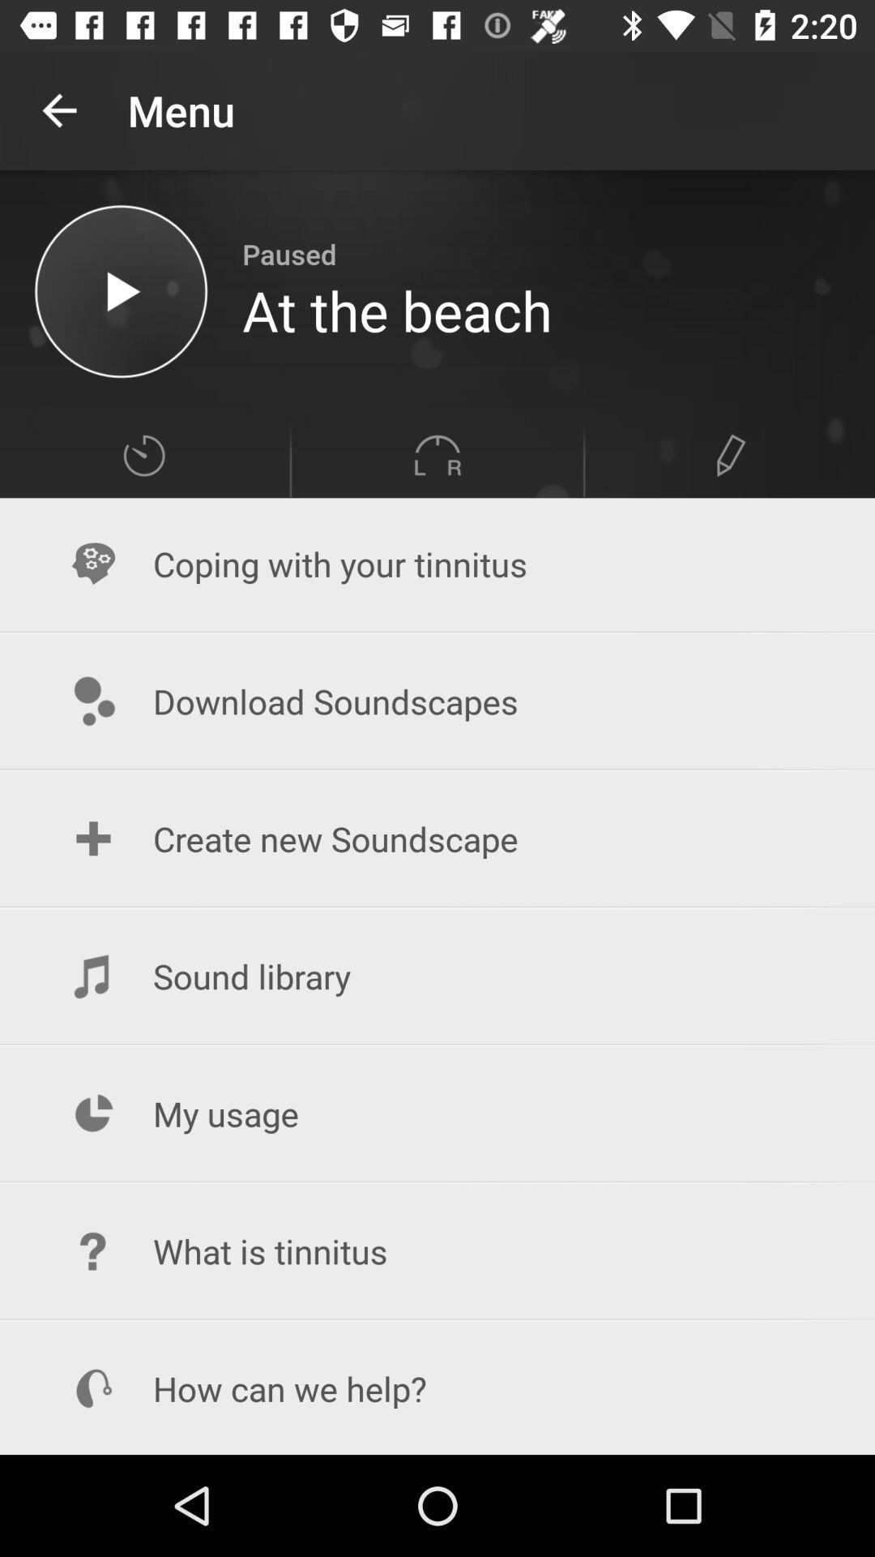 This screenshot has width=875, height=1557. I want to click on item below what is tinnitus item, so click(437, 1388).